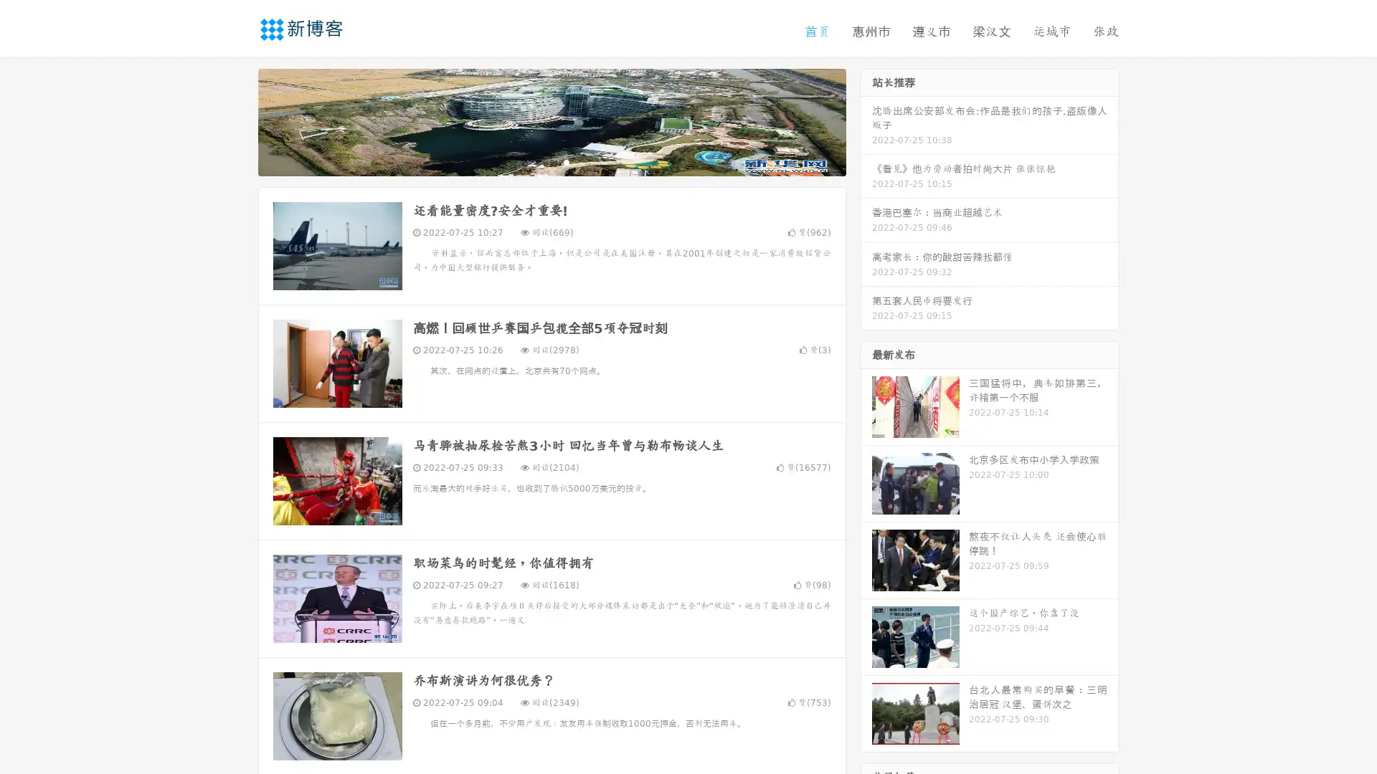 The width and height of the screenshot is (1377, 774). Describe the element at coordinates (566, 161) in the screenshot. I see `Go to slide 3` at that location.